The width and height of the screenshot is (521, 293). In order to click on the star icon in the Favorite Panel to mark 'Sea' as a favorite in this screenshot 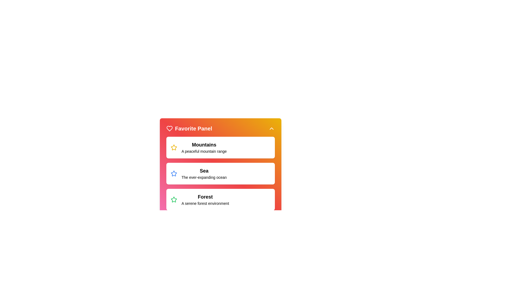, I will do `click(174, 147)`.